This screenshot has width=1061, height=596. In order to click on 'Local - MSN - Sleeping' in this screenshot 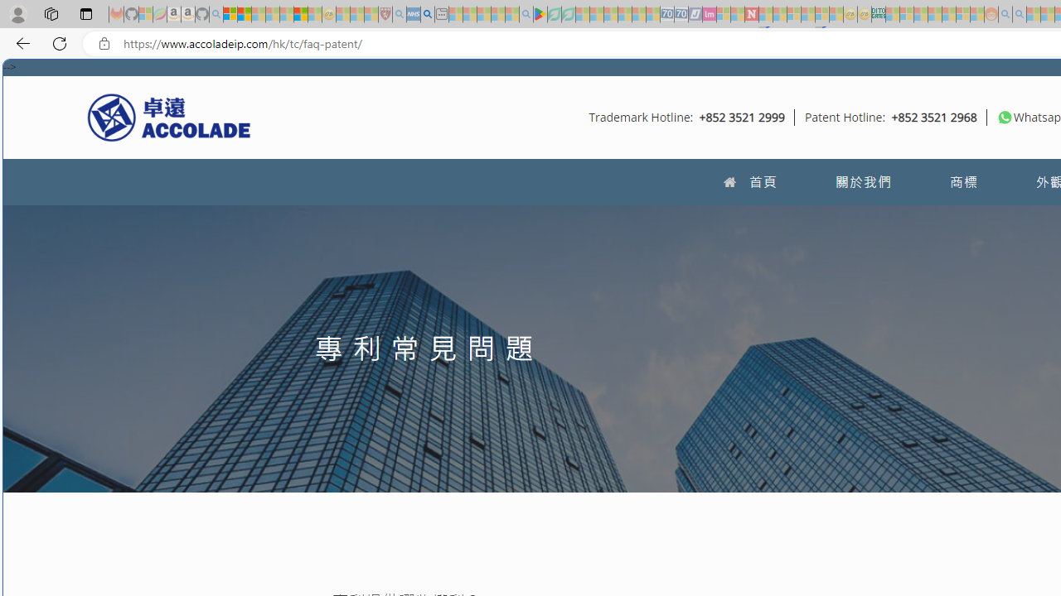, I will do `click(371, 14)`.